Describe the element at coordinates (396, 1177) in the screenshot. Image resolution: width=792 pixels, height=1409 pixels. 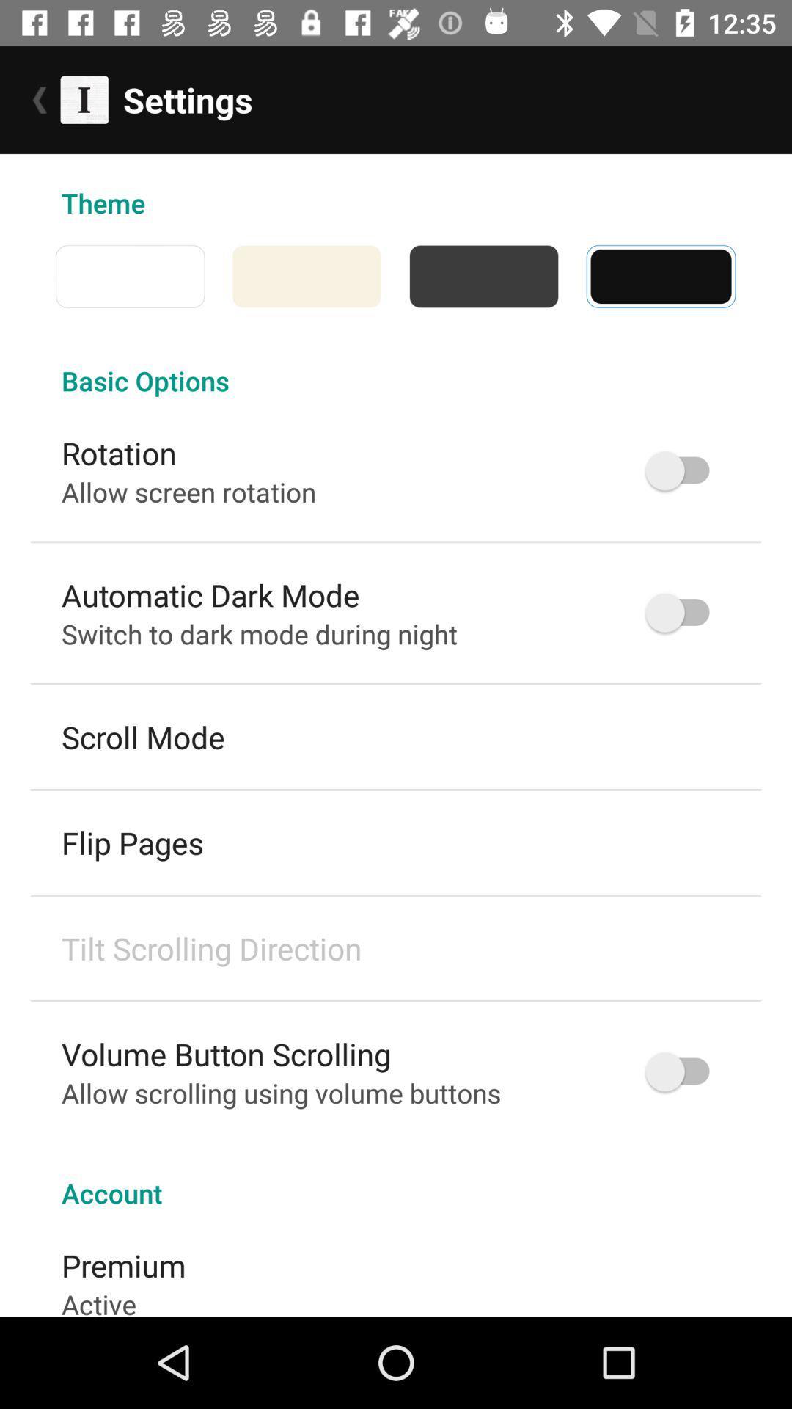
I see `the account` at that location.